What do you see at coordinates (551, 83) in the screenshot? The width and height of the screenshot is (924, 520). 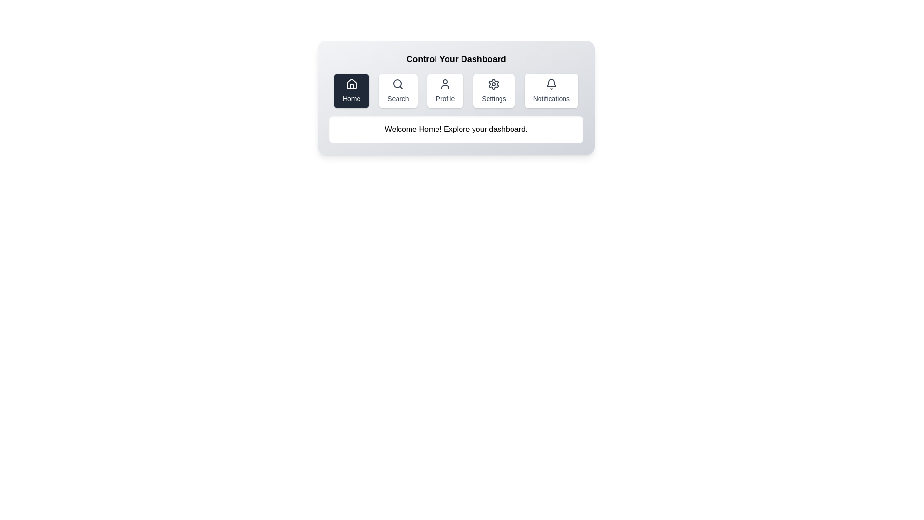 I see `the appearance of the bell icon located in the 'Notifications' button, which is part of the top center horizontal menu bar` at bounding box center [551, 83].